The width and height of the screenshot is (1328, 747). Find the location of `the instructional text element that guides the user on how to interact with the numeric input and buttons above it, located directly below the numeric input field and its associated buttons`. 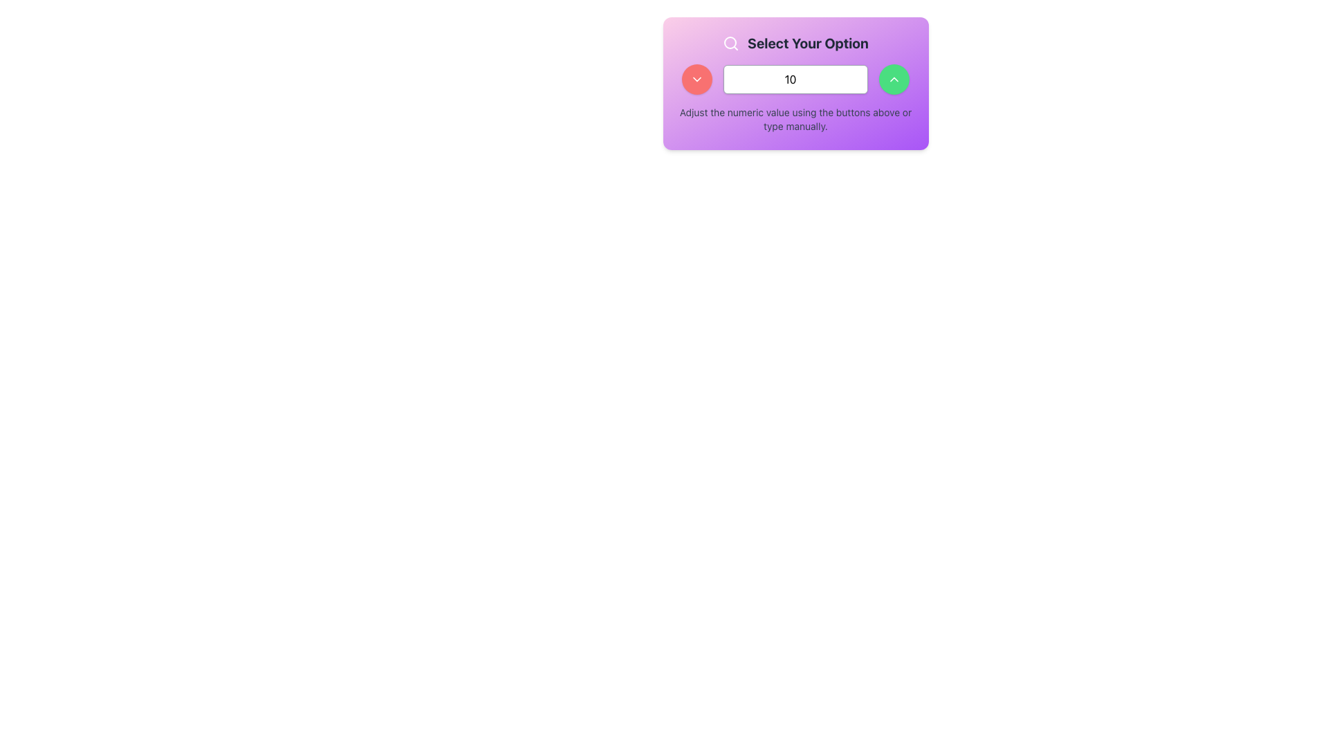

the instructional text element that guides the user on how to interact with the numeric input and buttons above it, located directly below the numeric input field and its associated buttons is located at coordinates (795, 119).